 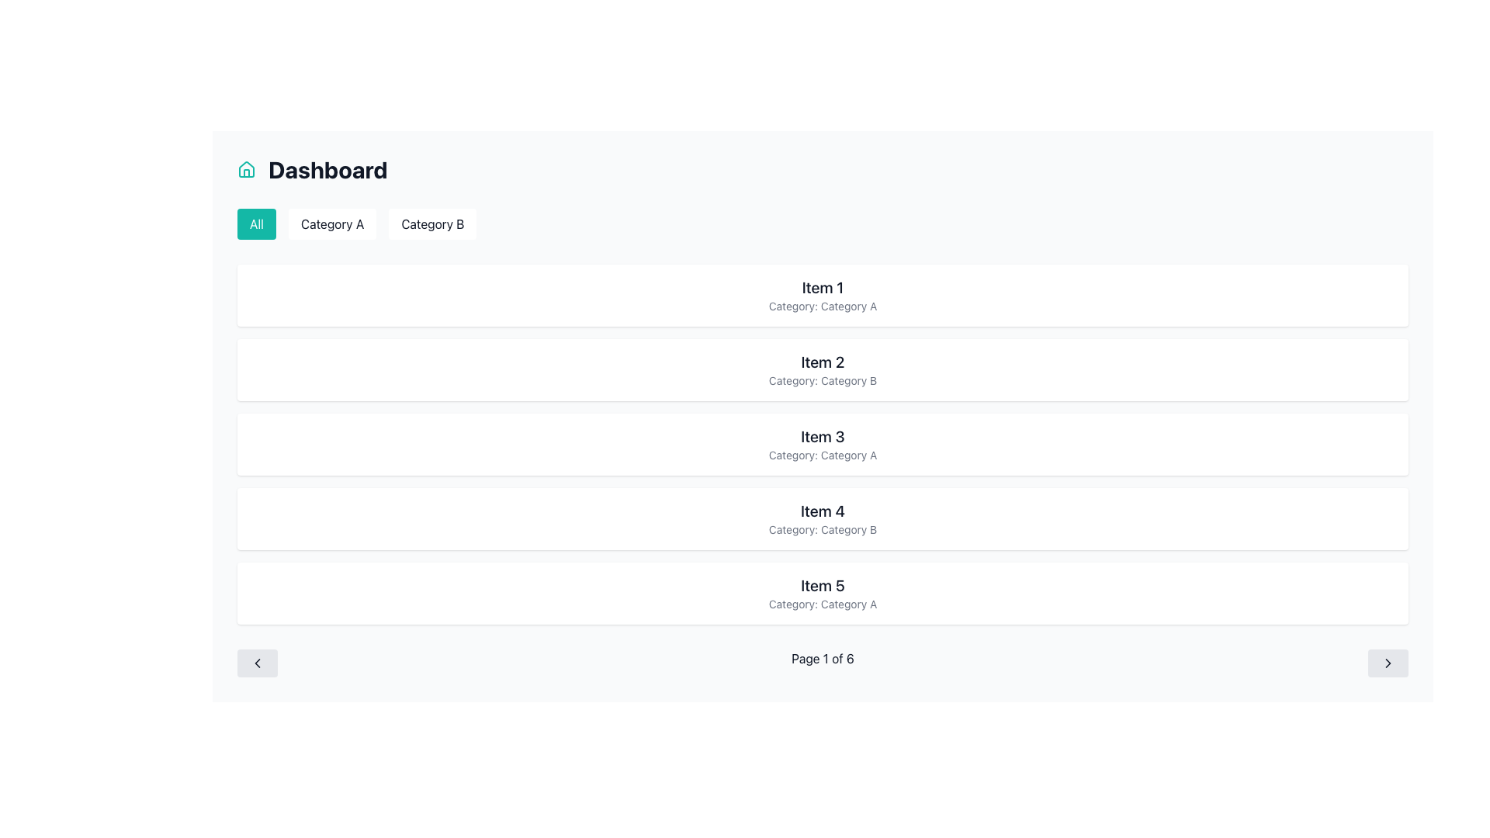 What do you see at coordinates (432, 224) in the screenshot?
I see `the 'Category B' button, which is a rectangular button with a white background and rounded corners, located below the 'Dashboard' heading, to filter by 'Category B'` at bounding box center [432, 224].